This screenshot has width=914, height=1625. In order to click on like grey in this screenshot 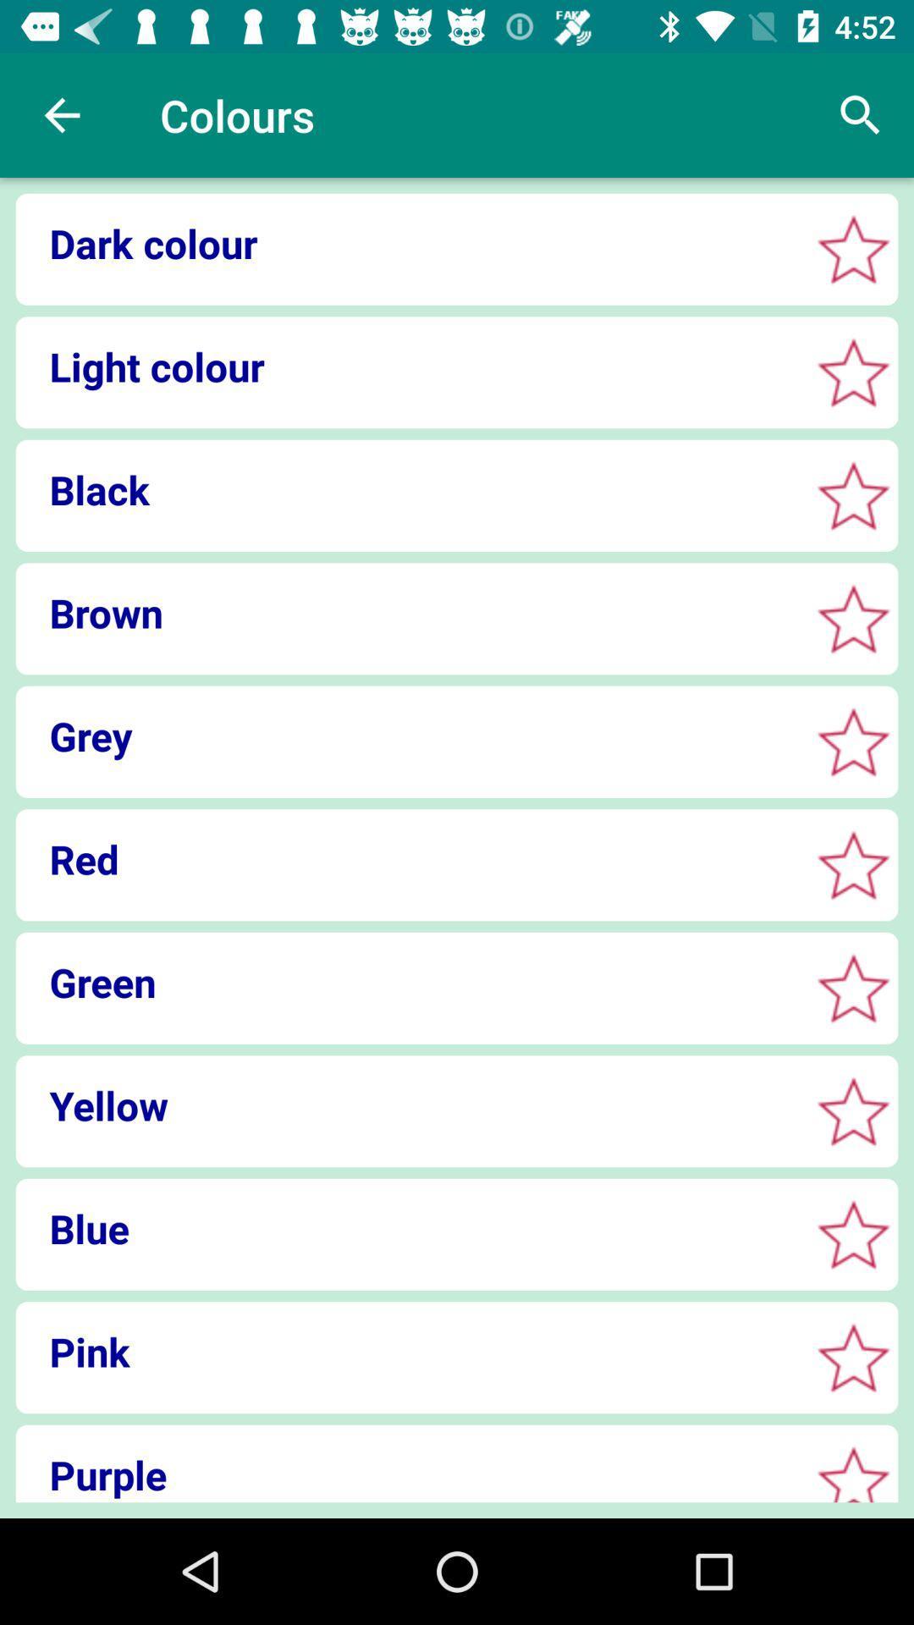, I will do `click(853, 741)`.